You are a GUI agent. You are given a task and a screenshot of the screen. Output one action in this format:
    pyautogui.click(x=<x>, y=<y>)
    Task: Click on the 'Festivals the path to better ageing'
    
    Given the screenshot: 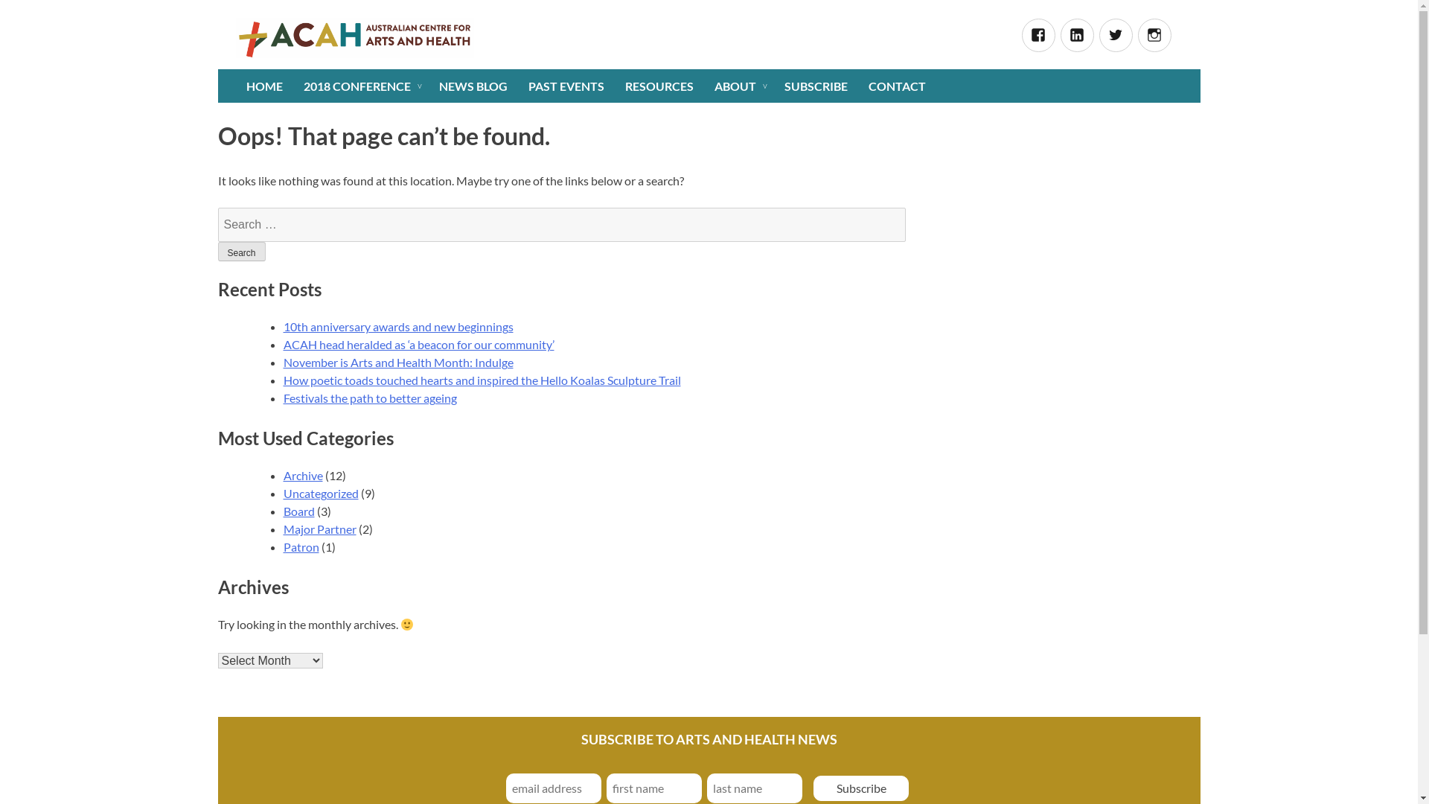 What is the action you would take?
    pyautogui.click(x=282, y=397)
    